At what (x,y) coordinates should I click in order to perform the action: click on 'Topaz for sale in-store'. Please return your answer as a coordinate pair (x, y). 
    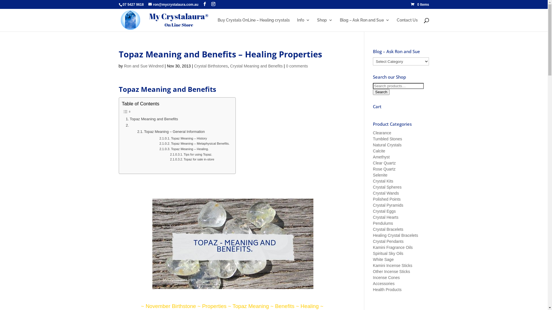
    Looking at the image, I should click on (192, 159).